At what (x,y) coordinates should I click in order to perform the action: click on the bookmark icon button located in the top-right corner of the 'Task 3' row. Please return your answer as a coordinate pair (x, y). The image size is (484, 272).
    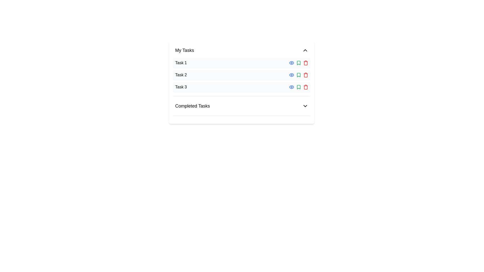
    Looking at the image, I should click on (299, 87).